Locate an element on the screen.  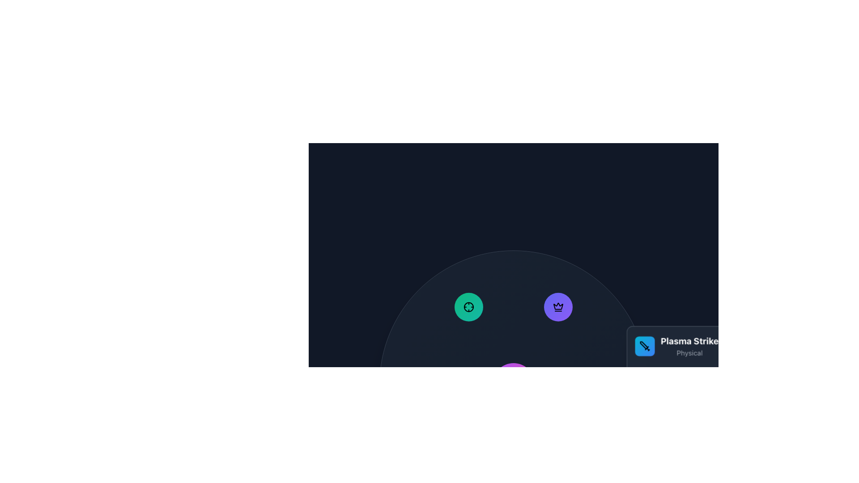
the achievement crown icon located near the top-right corner of the circular arrangement of icons, specifically the second icon from the left among three visible ones is located at coordinates (558, 305).